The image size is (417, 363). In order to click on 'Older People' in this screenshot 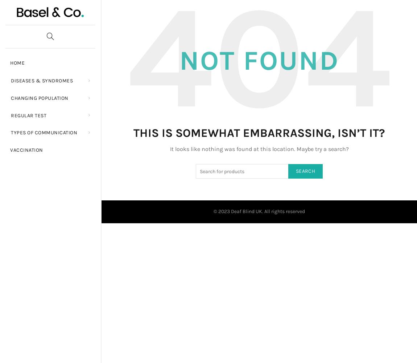, I will do `click(113, 100)`.